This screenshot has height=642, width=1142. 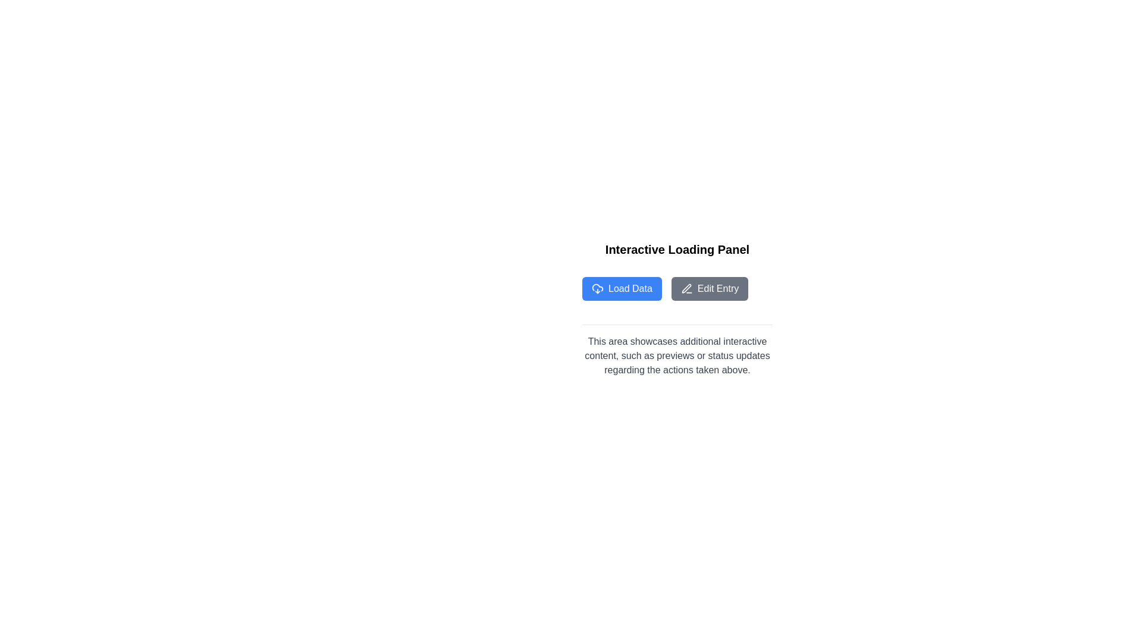 What do you see at coordinates (710, 289) in the screenshot?
I see `the 'Edit Entry' button with rounded corners and a gray background, located to the right of the 'Load Data' button in the Interactive Loading Panel` at bounding box center [710, 289].